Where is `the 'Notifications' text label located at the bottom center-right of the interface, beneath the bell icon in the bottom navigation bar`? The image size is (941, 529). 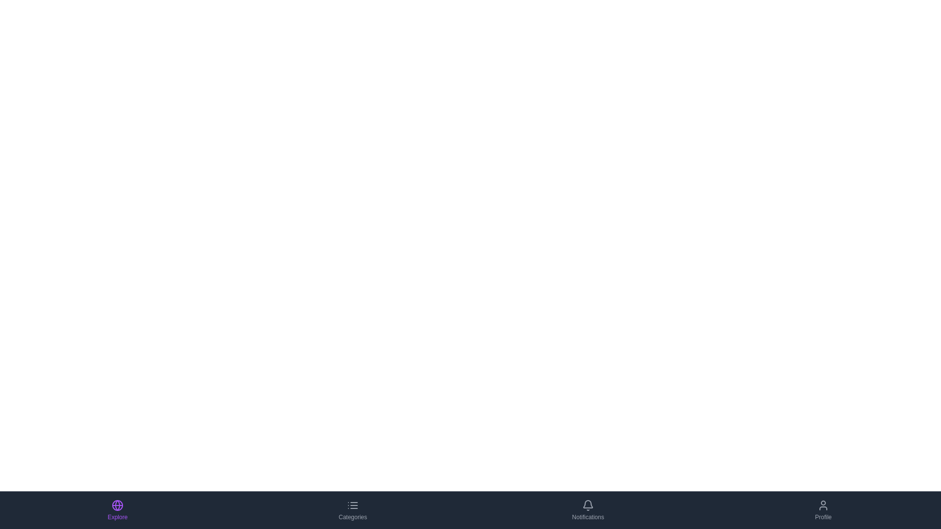
the 'Notifications' text label located at the bottom center-right of the interface, beneath the bell icon in the bottom navigation bar is located at coordinates (588, 517).